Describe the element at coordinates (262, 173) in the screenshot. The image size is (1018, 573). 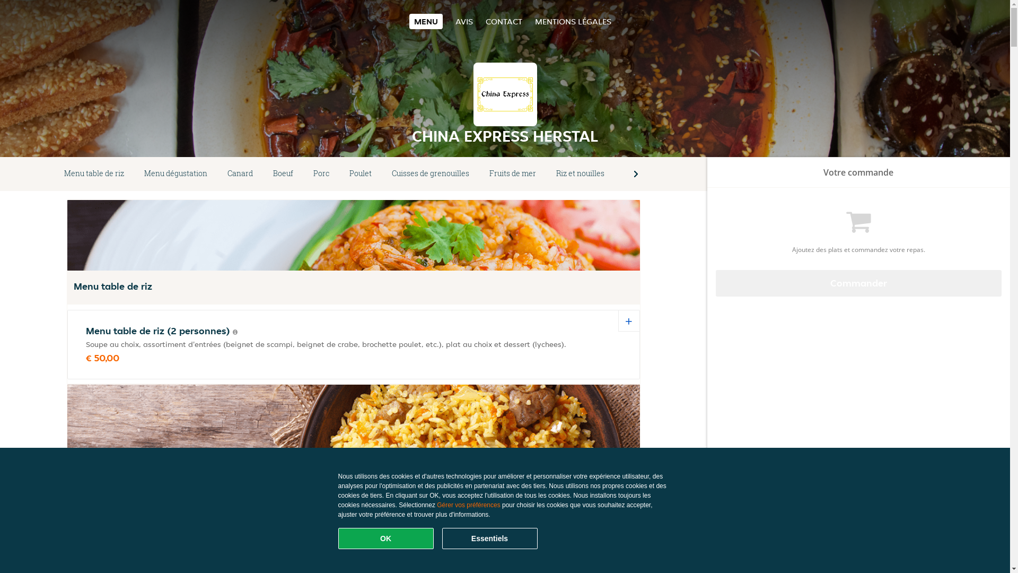
I see `'Boeuf'` at that location.